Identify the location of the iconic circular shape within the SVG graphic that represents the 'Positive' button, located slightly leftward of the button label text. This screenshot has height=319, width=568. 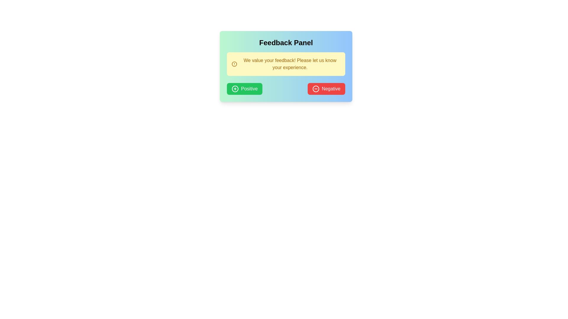
(235, 89).